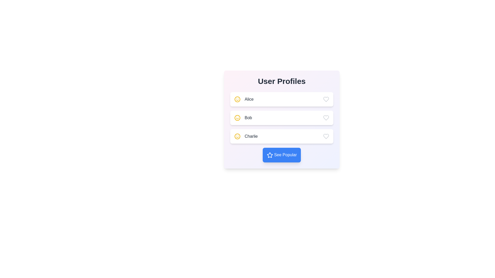 This screenshot has height=278, width=495. Describe the element at coordinates (243, 118) in the screenshot. I see `the 'Bob' label located in the 'User Profiles' section, positioned between 'Alice' and 'Charlie', with a yellow smiley face icon to its left` at that location.